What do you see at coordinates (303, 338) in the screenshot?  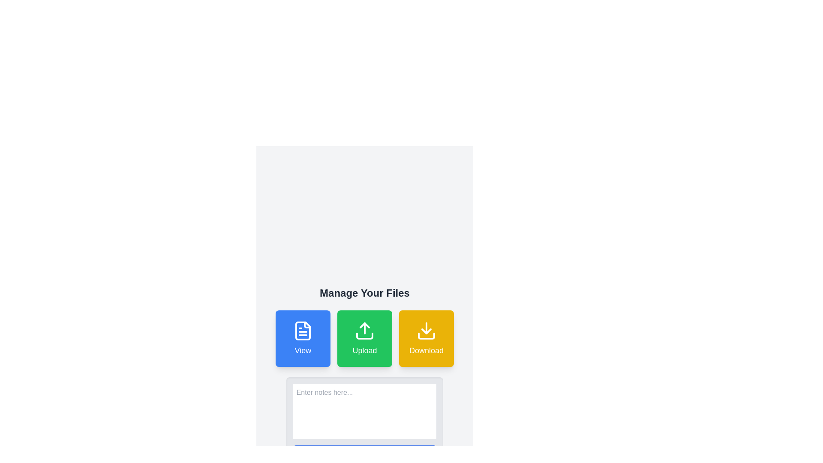 I see `the far left button in the 'Manage Your Files' section` at bounding box center [303, 338].